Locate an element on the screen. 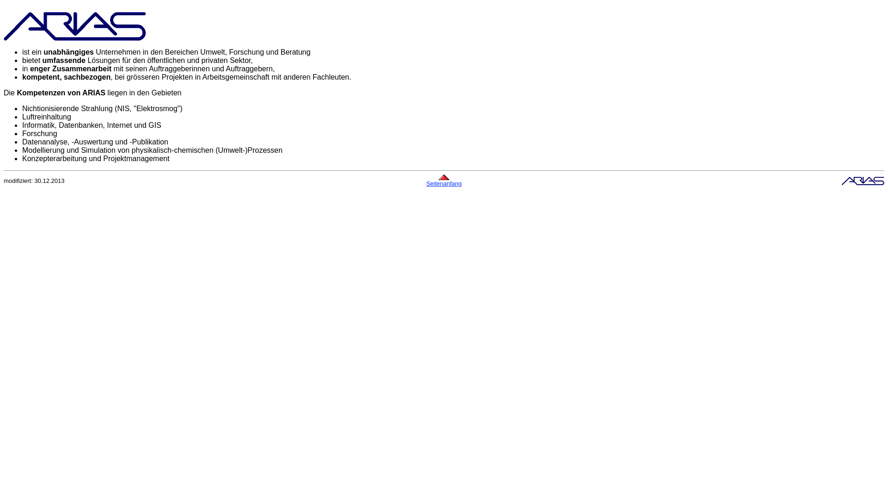  'Seitenanfang' is located at coordinates (444, 183).